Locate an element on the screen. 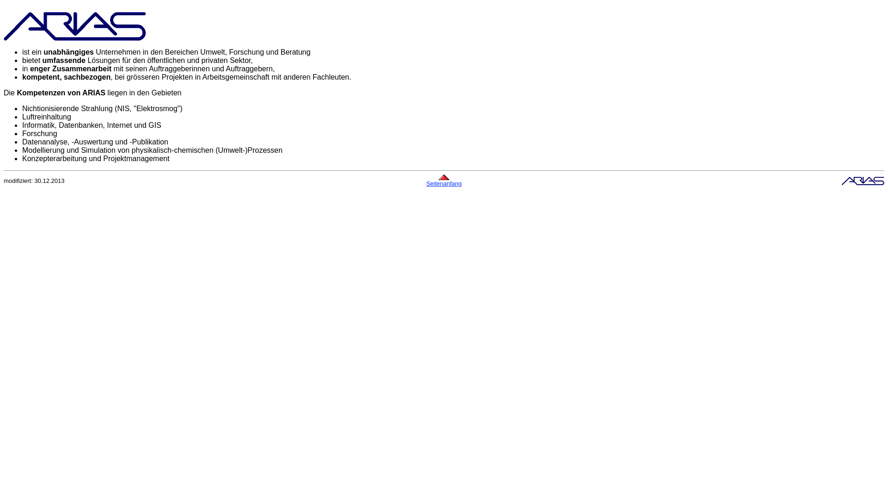  'Seitenanfang' is located at coordinates (444, 183).